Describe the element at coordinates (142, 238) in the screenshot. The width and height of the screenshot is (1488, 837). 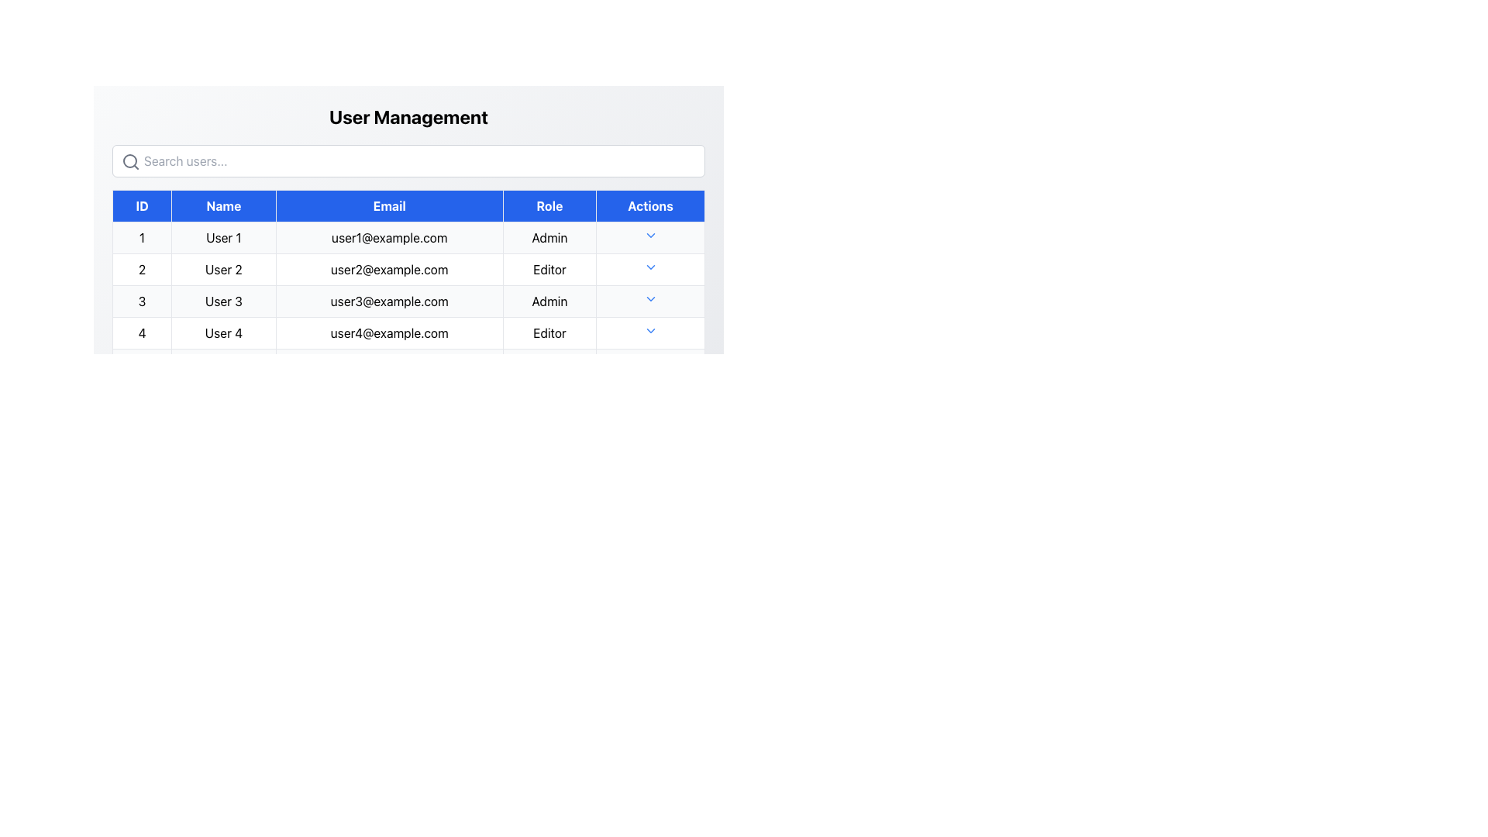
I see `the table cell containing the text '1'` at that location.